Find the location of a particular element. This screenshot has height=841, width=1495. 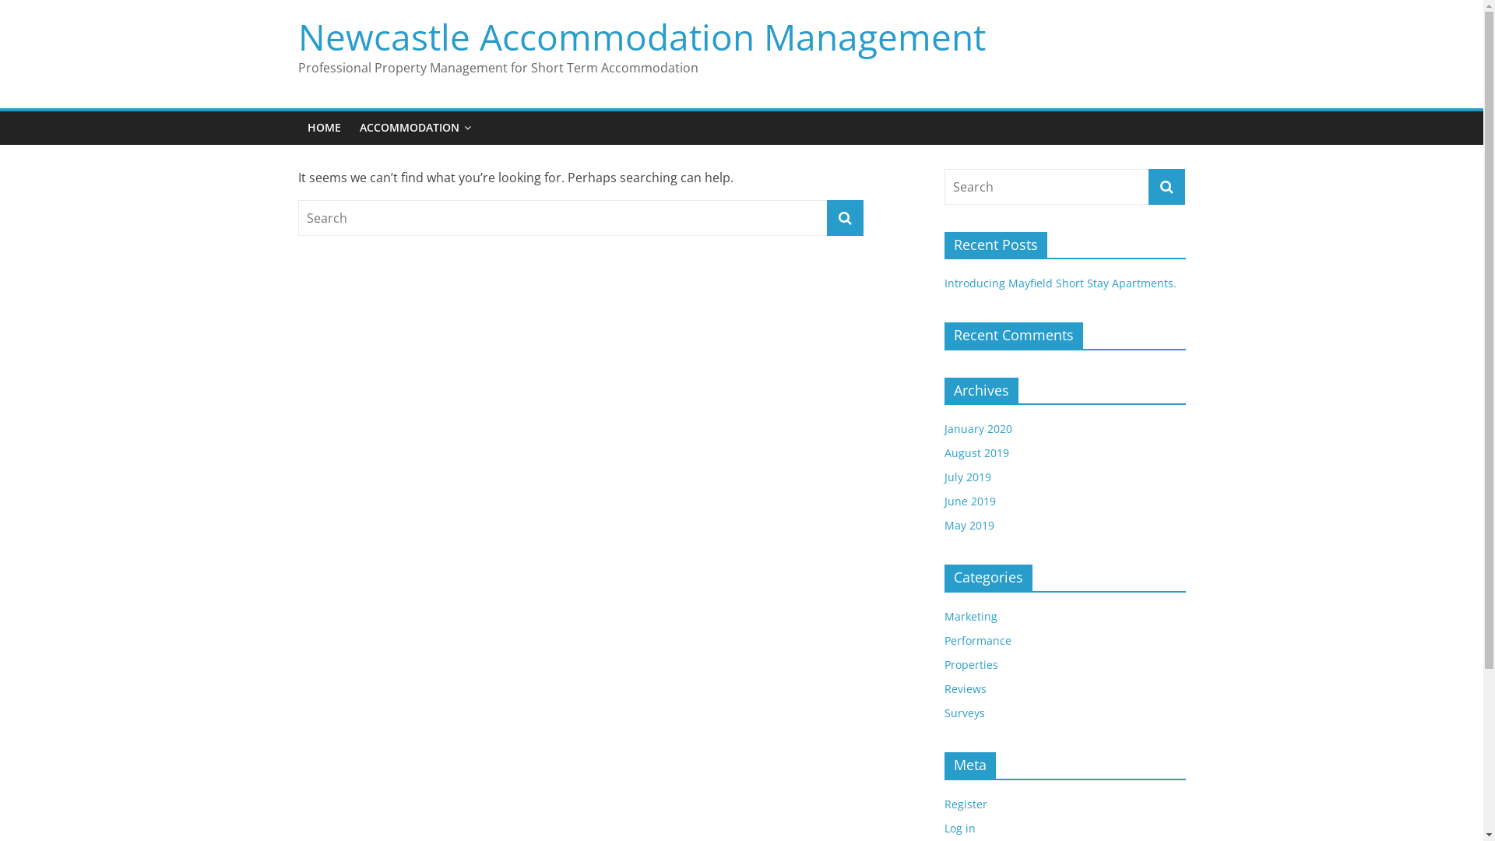

'Properties' is located at coordinates (942, 664).